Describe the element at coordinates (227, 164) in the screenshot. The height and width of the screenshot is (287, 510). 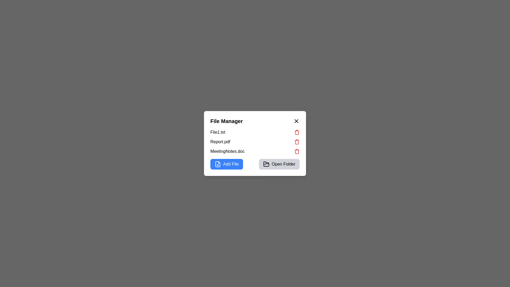
I see `the 'Add File' button with a blue background and white text in the 'File Manager' dialog for keyboard navigation` at that location.